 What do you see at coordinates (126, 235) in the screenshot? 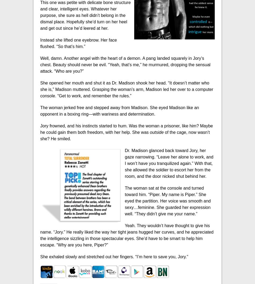
I see `'Yeah. They wouldn’t have thought to give his name. “Jory.” He really liked the way her tight jeans hugged her curves, and he appreciated the intelligence sizzling in those spectacular eyes. She’d have to be smart to help him escape. “Why are you here, Piper?”'` at bounding box center [126, 235].